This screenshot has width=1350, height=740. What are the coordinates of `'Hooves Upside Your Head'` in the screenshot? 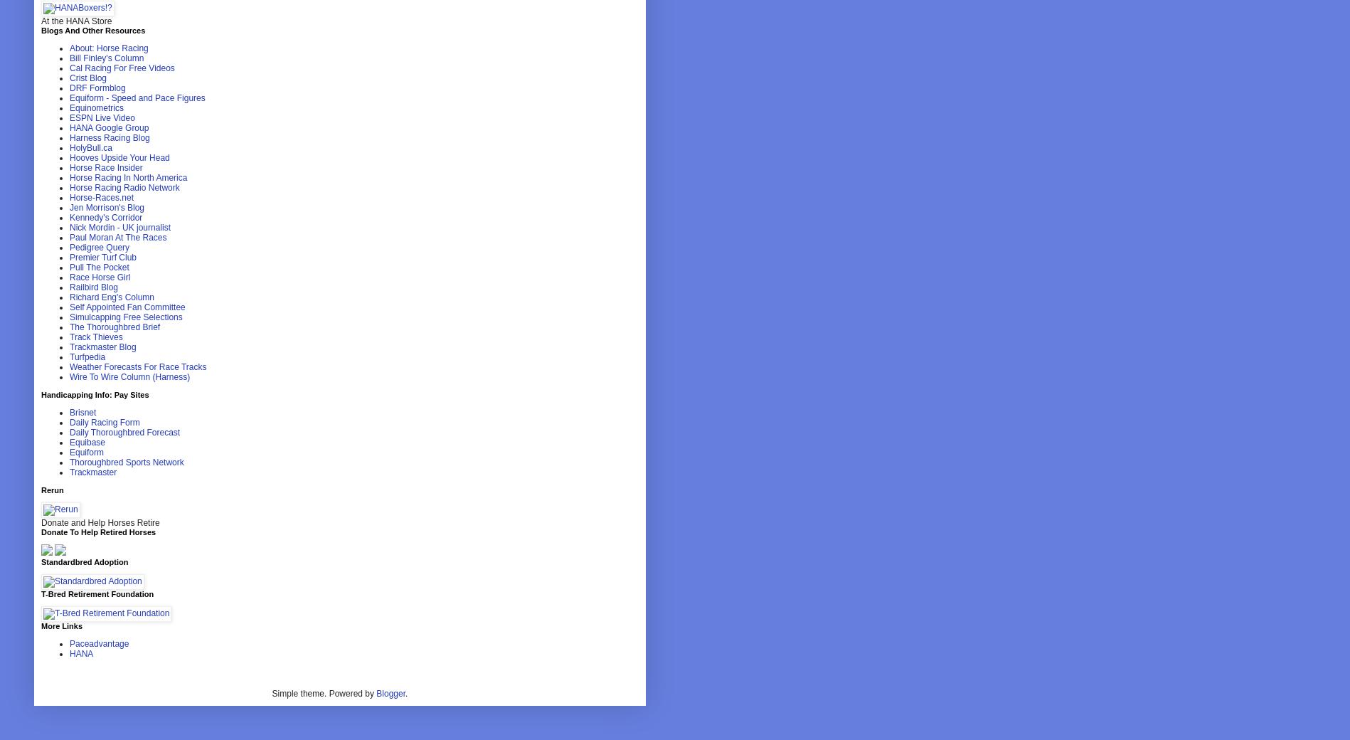 It's located at (118, 158).